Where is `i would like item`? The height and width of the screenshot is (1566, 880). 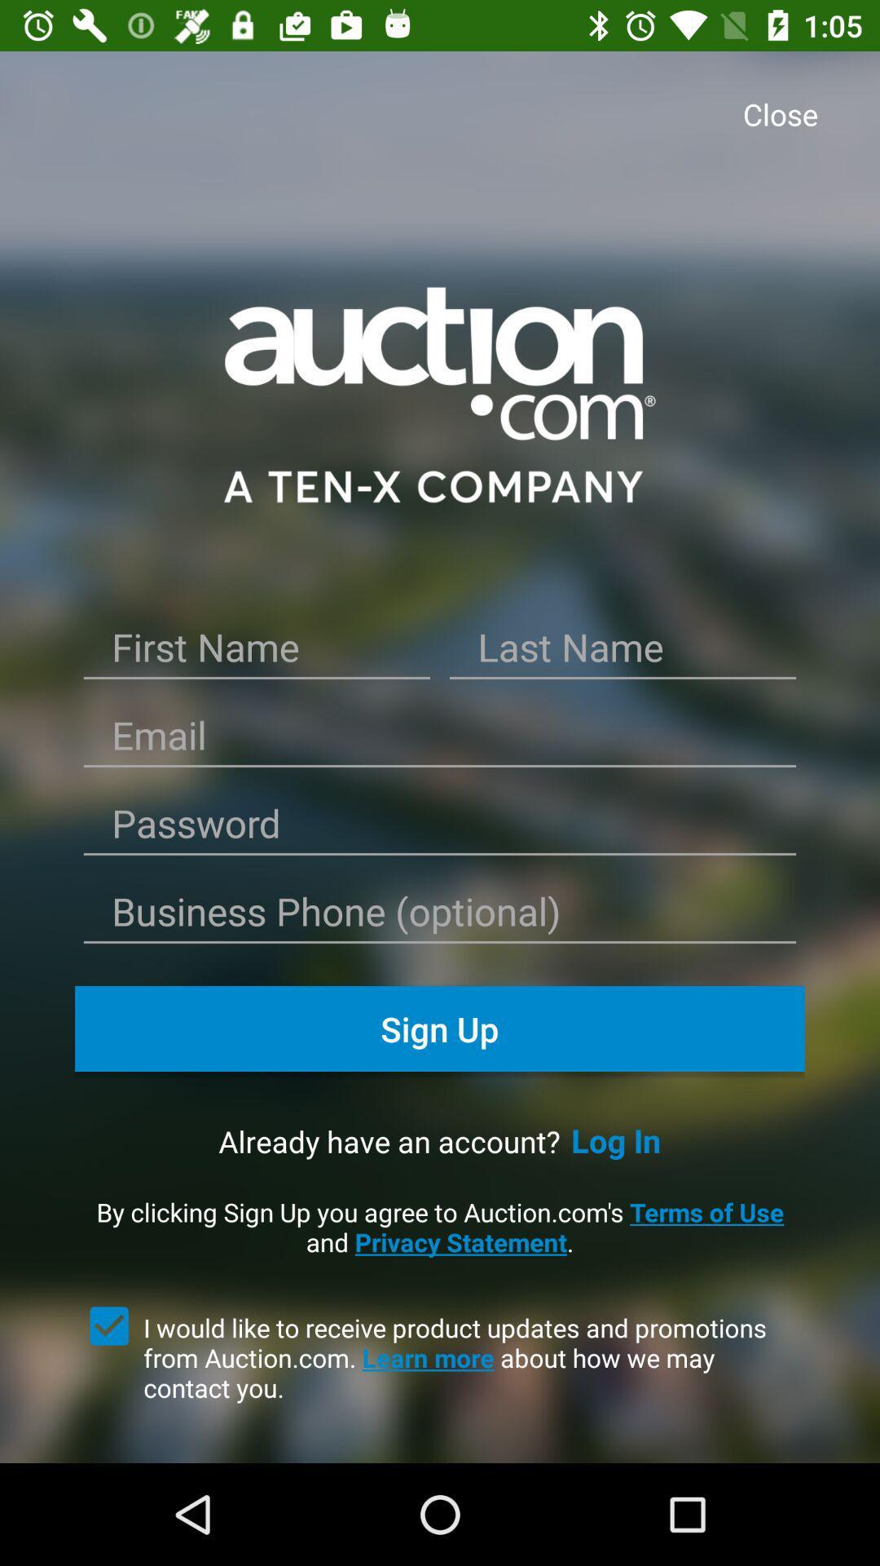 i would like item is located at coordinates (474, 1357).